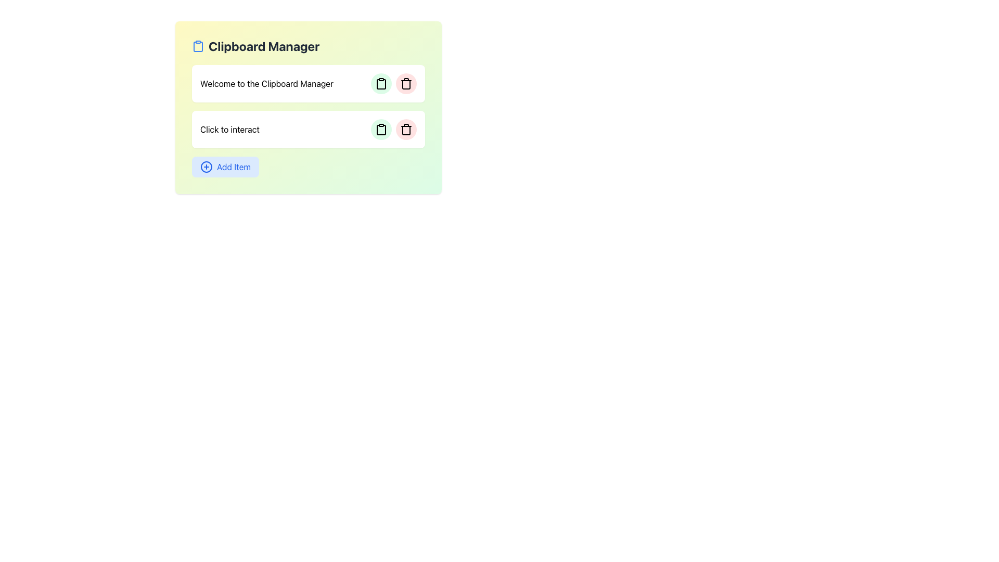  I want to click on the iconography associated with the SVG Circle Element located at the center of the 'Add Item' button, so click(207, 166).